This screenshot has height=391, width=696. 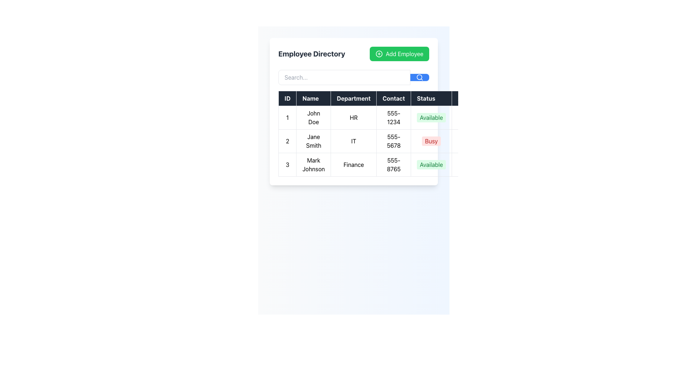 I want to click on the Table Header labeled 'Status', which has a dark background and white bold text, positioned between 'Contact' and 'Actions' in the Employee Directory table, so click(x=431, y=98).